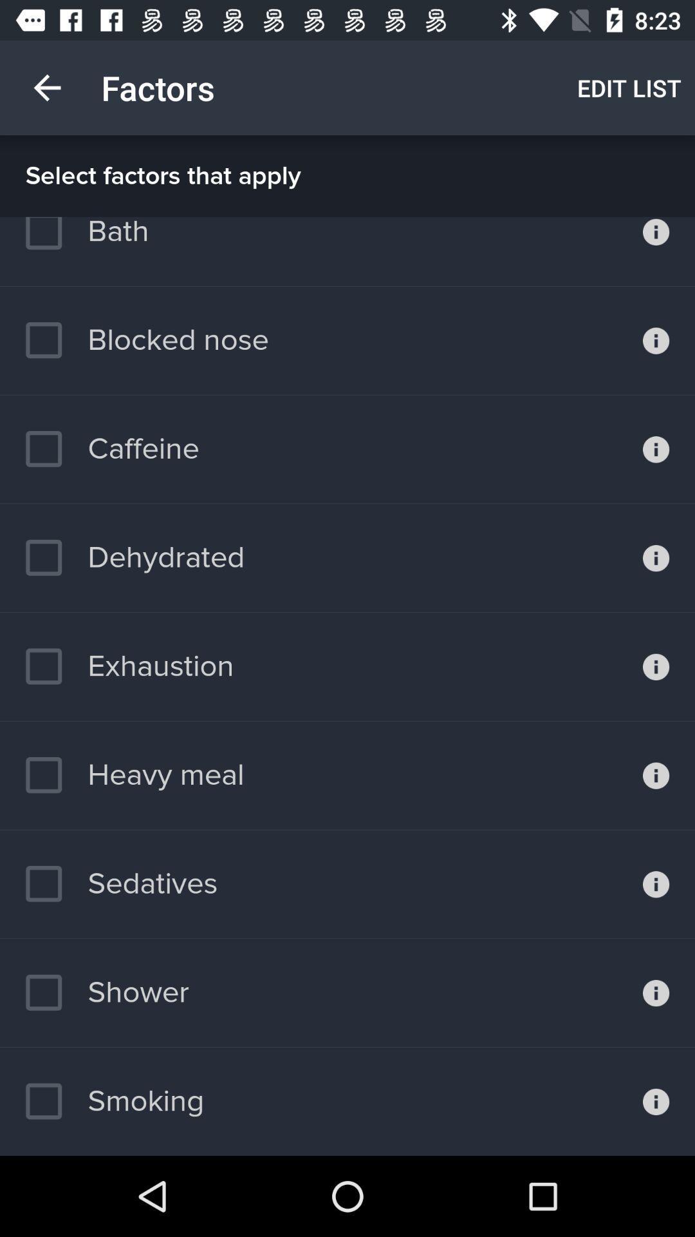 Image resolution: width=695 pixels, height=1237 pixels. Describe the element at coordinates (87, 240) in the screenshot. I see `bath` at that location.